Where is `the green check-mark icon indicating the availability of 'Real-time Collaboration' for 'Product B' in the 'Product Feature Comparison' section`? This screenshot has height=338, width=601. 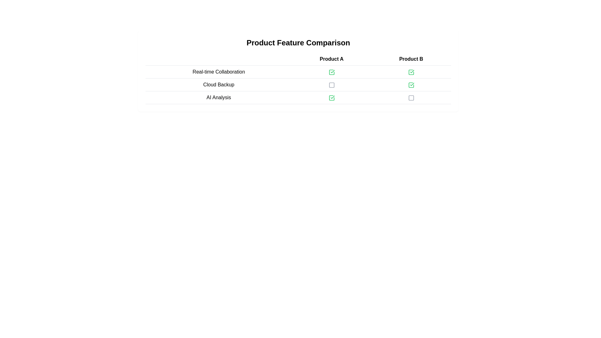
the green check-mark icon indicating the availability of 'Real-time Collaboration' for 'Product B' in the 'Product Feature Comparison' section is located at coordinates (411, 72).